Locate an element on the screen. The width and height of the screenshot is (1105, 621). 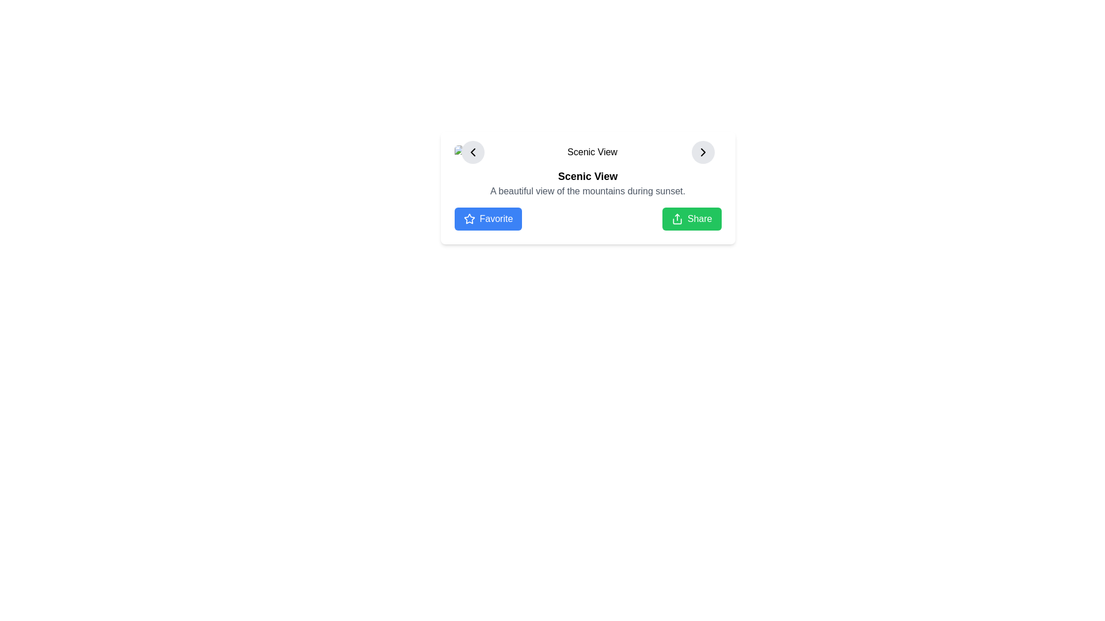
the text label that reads 'A beautiful view of the mountains during sunset', which is styled in gray and is positioned beneath the bolded title 'Scenic View' is located at coordinates (588, 190).